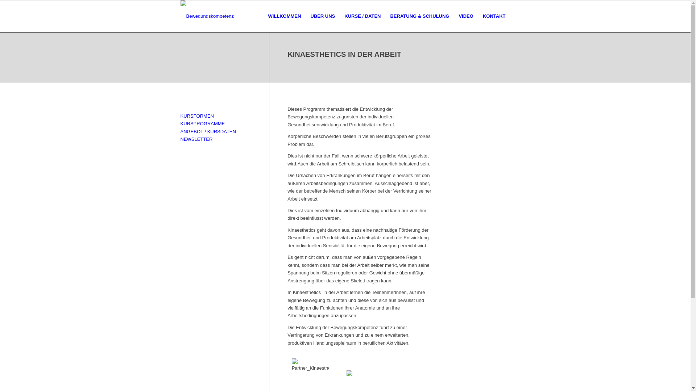  Describe the element at coordinates (181, 115) in the screenshot. I see `'KURSFORMEN'` at that location.